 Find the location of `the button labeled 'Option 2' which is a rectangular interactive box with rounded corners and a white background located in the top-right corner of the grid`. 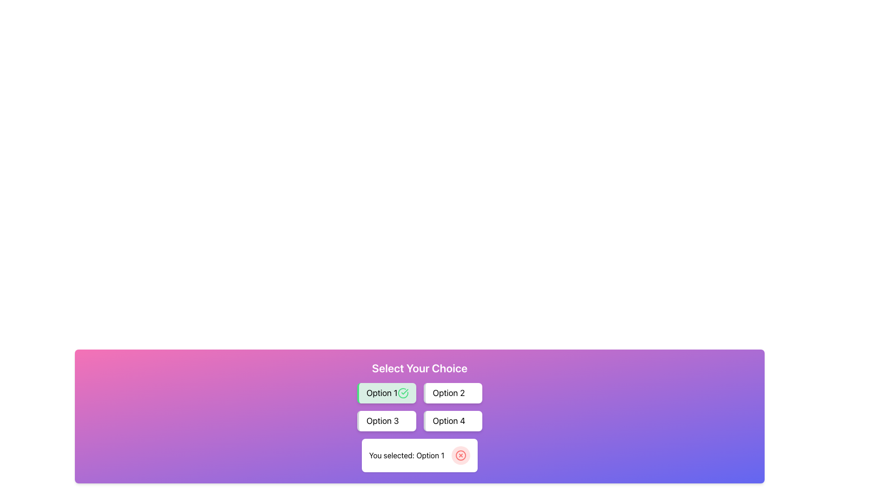

the button labeled 'Option 2' which is a rectangular interactive box with rounded corners and a white background located in the top-right corner of the grid is located at coordinates (453, 393).